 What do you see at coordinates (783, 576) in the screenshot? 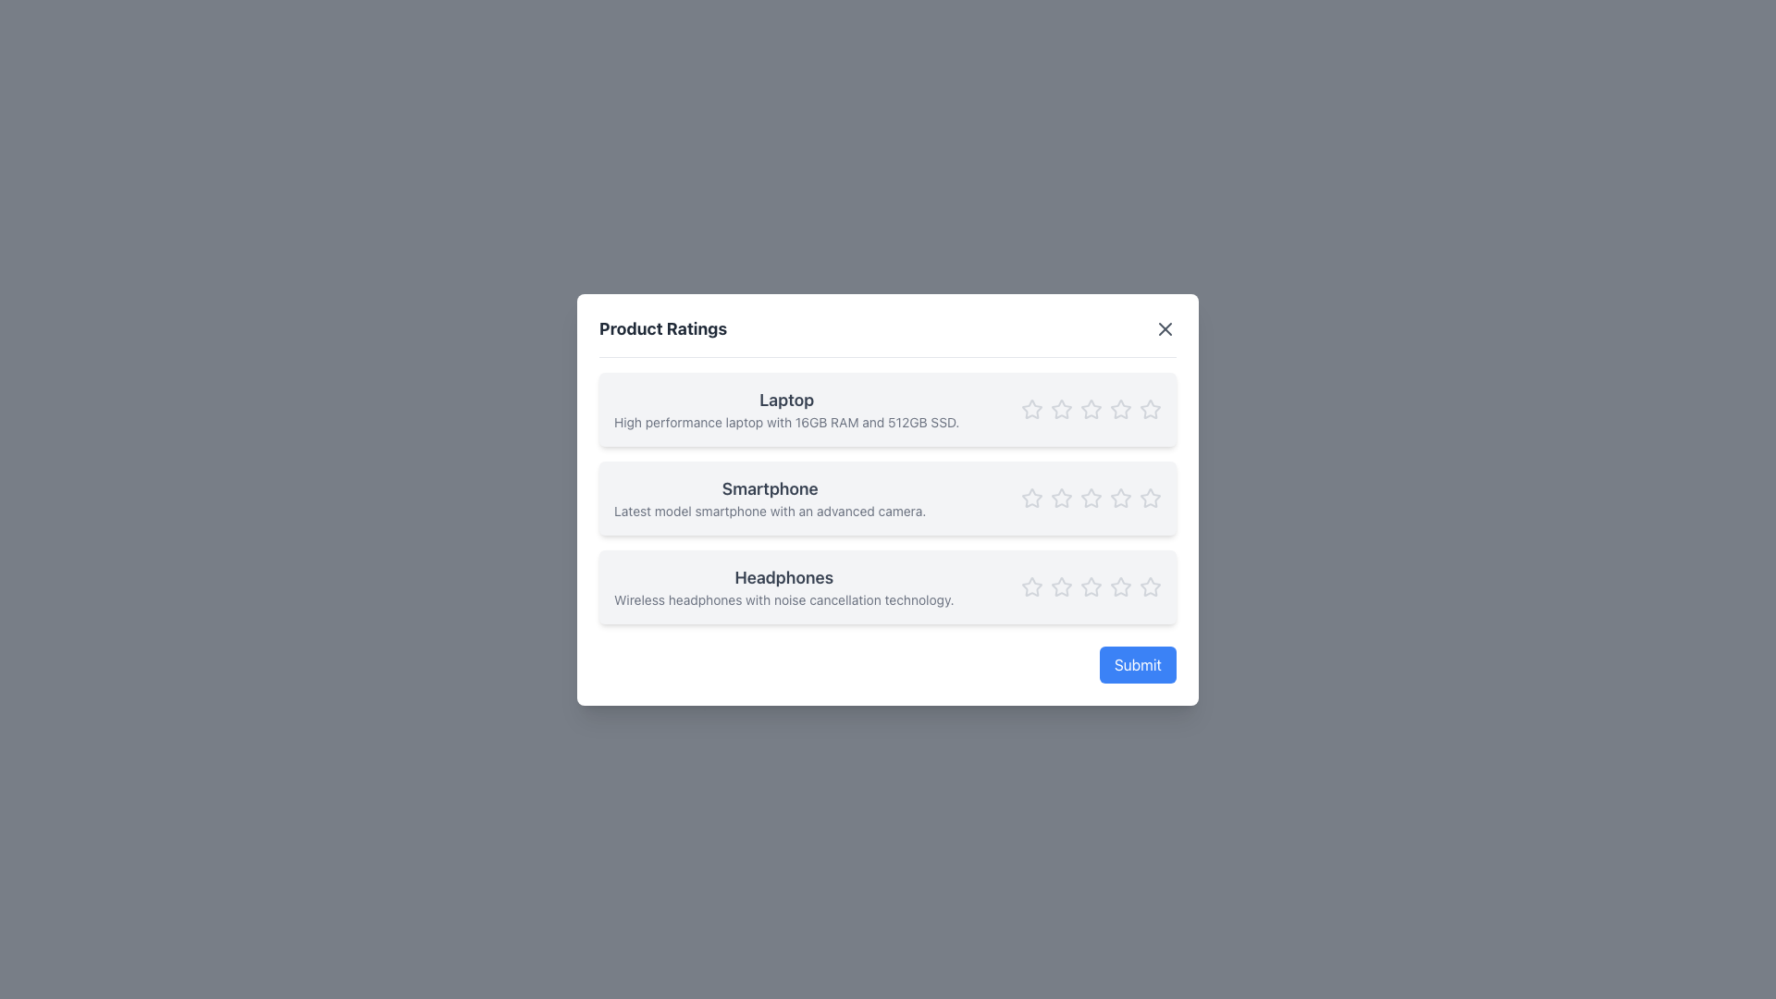
I see `the 'Headphones' text label, which is the title of a list item in the 'Product Ratings' modal window, located on the left side and above the description text` at bounding box center [783, 576].